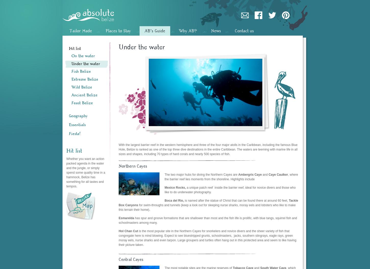 This screenshot has width=370, height=269. Describe the element at coordinates (85, 172) in the screenshot. I see `'Whether you want an action packed agenda in the water and the jungle, or simply spend some quality time in a hammock, Belize has something for all tastes and tempos.'` at that location.